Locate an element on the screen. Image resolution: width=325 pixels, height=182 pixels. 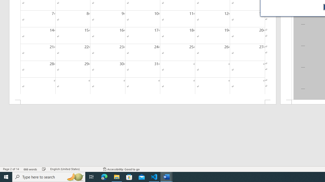
'Task View' is located at coordinates (91, 176).